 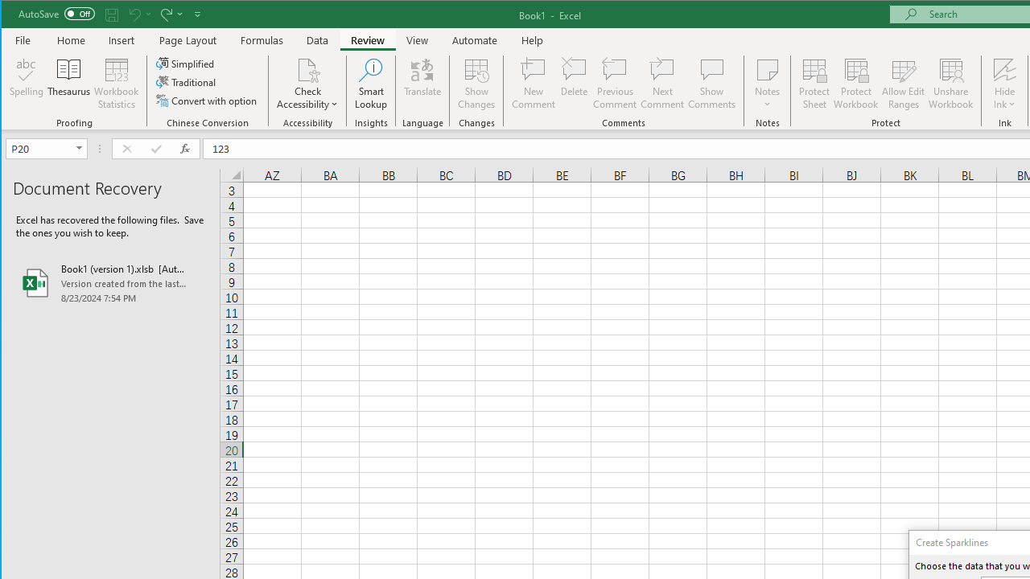 What do you see at coordinates (27, 84) in the screenshot?
I see `'Spelling...'` at bounding box center [27, 84].